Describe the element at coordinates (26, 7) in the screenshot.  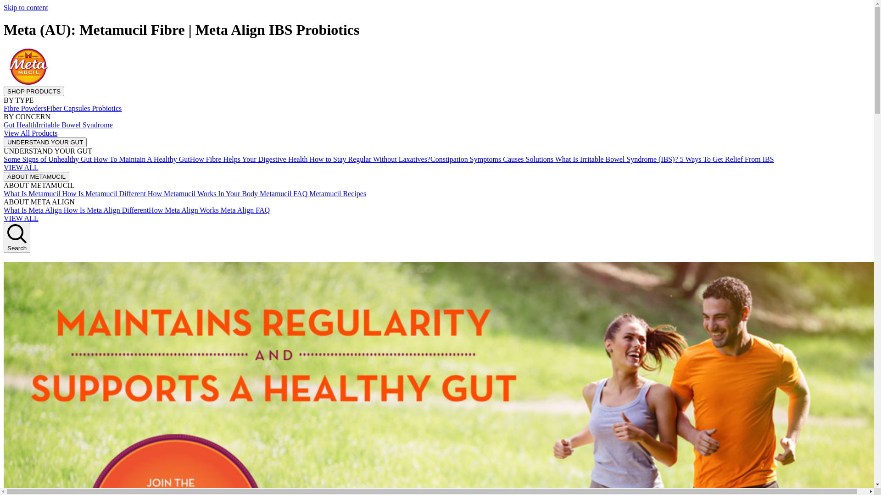
I see `'Skip to content'` at that location.